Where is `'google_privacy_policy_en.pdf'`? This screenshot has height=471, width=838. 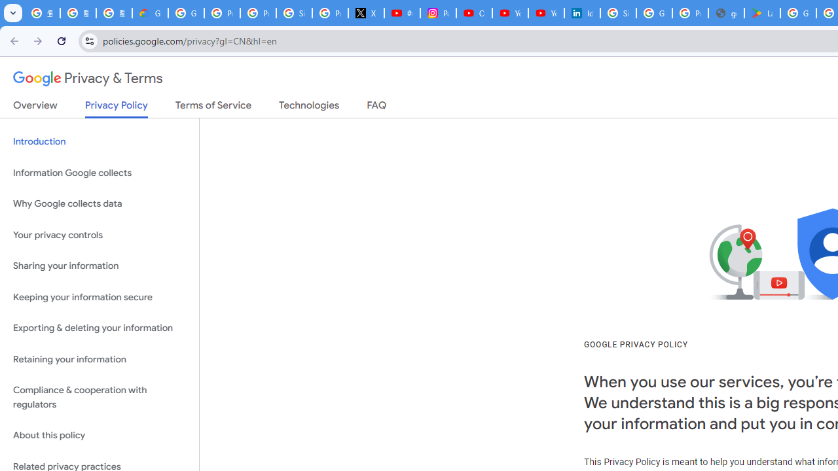 'google_privacy_policy_en.pdf' is located at coordinates (725, 13).